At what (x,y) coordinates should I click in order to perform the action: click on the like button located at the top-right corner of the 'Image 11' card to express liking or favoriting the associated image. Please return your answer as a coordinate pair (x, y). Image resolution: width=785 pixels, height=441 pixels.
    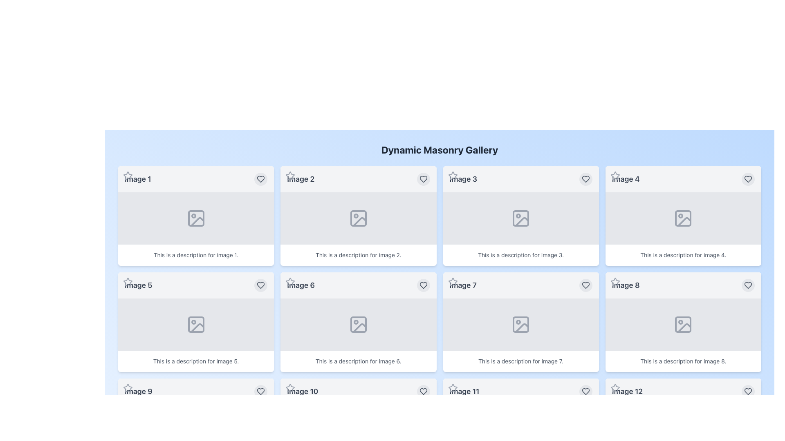
    Looking at the image, I should click on (585, 391).